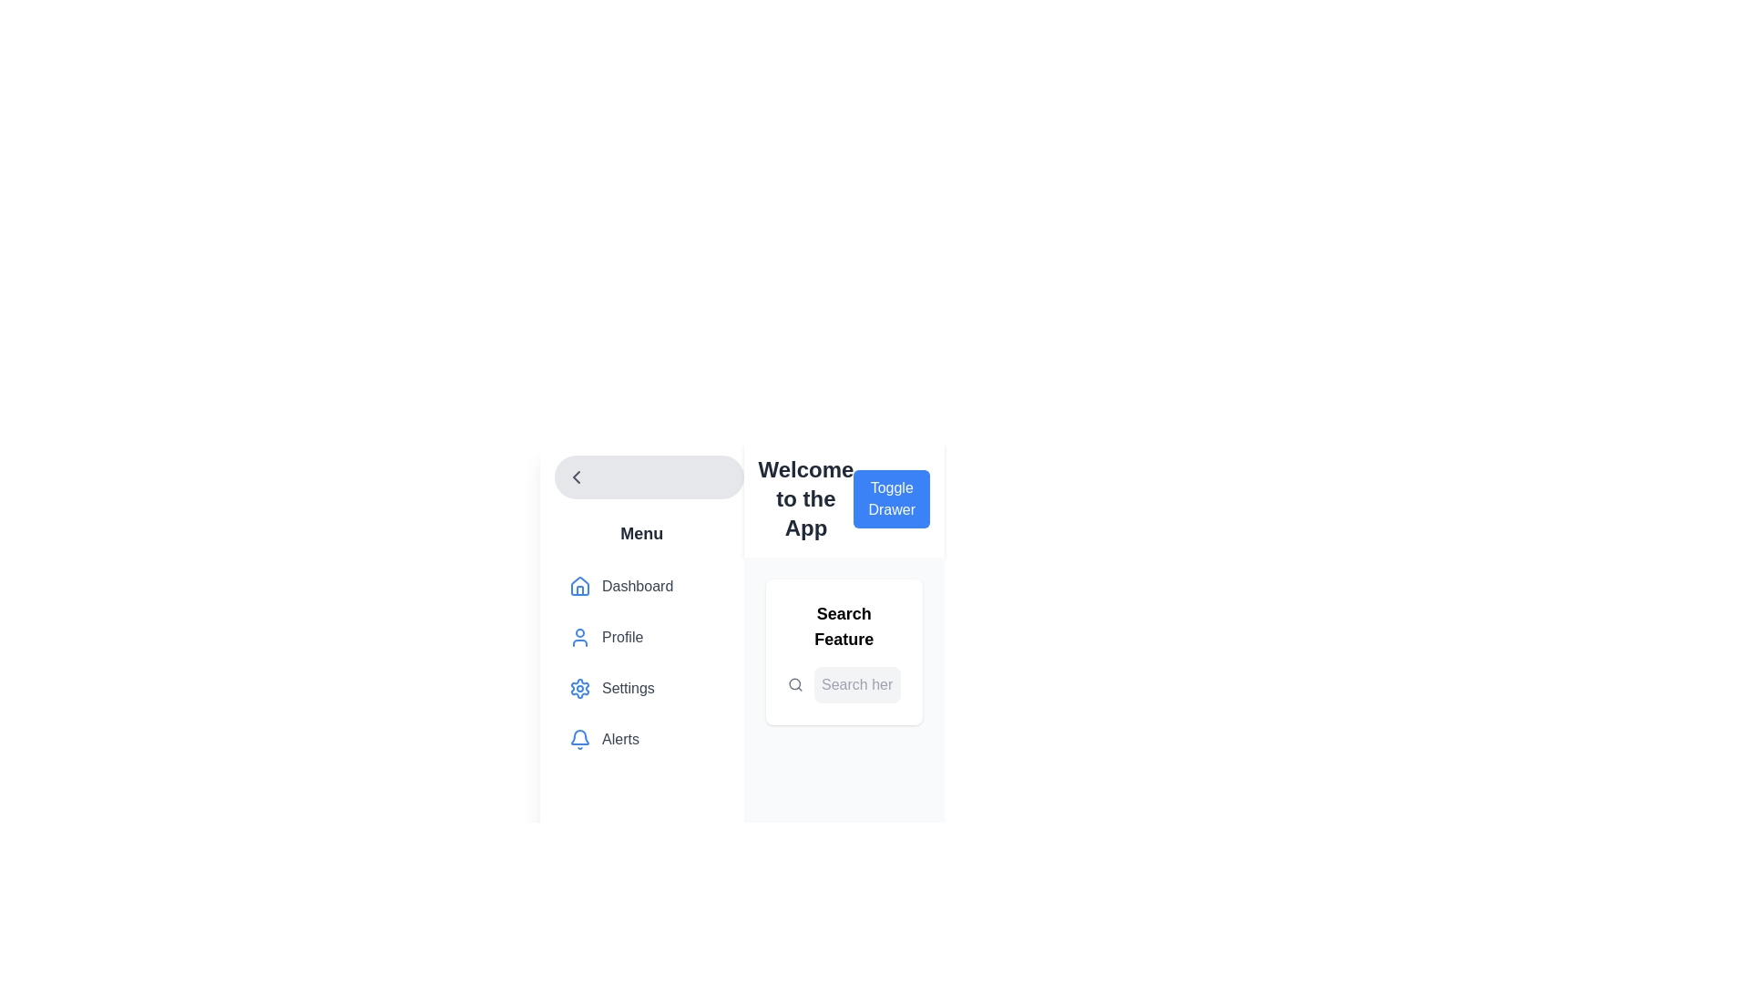 This screenshot has width=1749, height=984. I want to click on the blue user silhouette icon in the sidebar menu, so click(579, 636).